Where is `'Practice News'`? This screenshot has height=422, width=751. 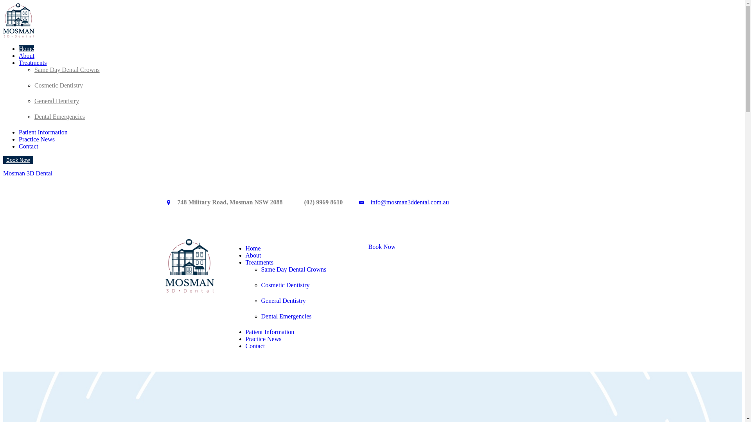 'Practice News' is located at coordinates (263, 338).